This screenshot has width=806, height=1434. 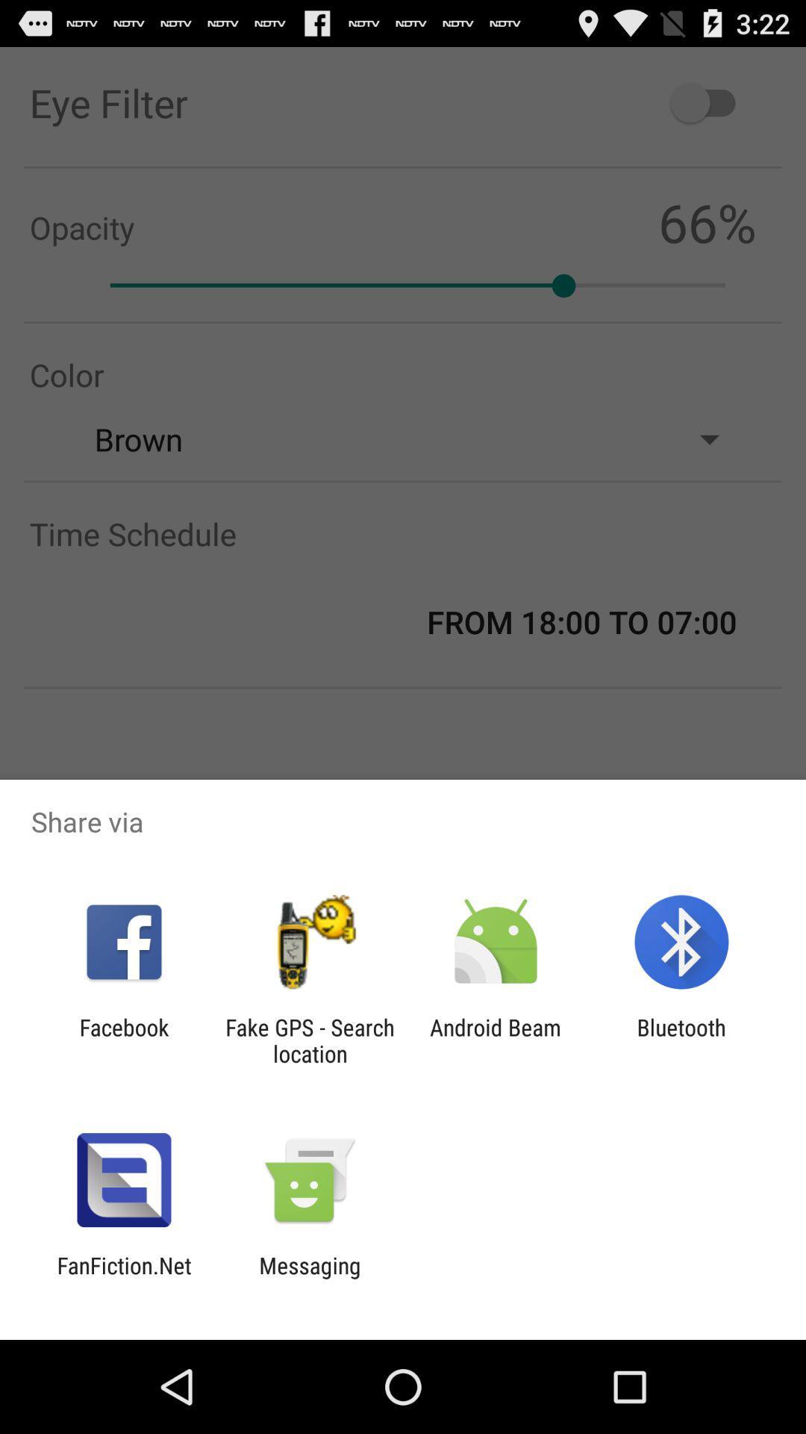 What do you see at coordinates (309, 1278) in the screenshot?
I see `the messaging icon` at bounding box center [309, 1278].